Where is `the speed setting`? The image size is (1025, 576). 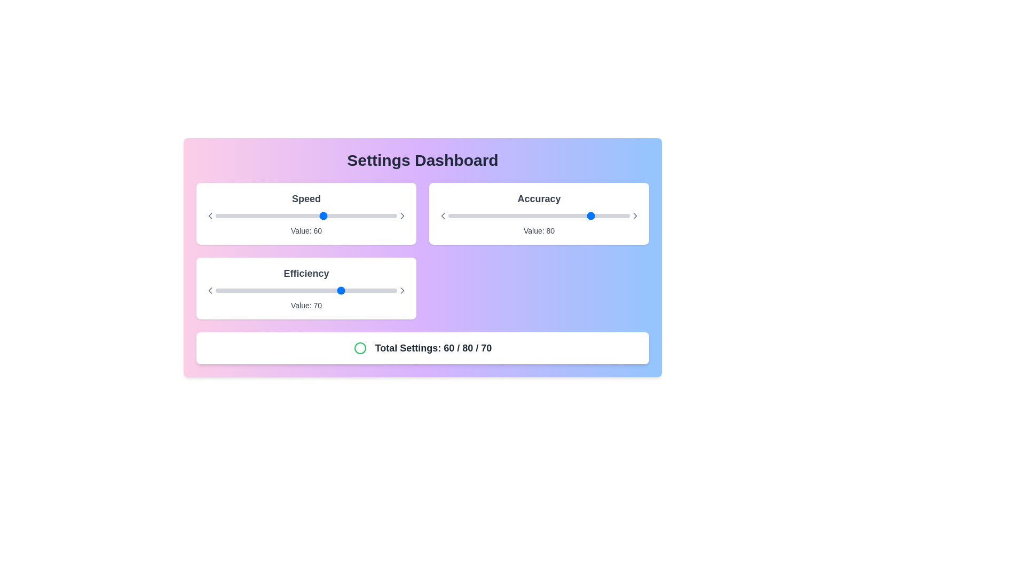 the speed setting is located at coordinates (343, 216).